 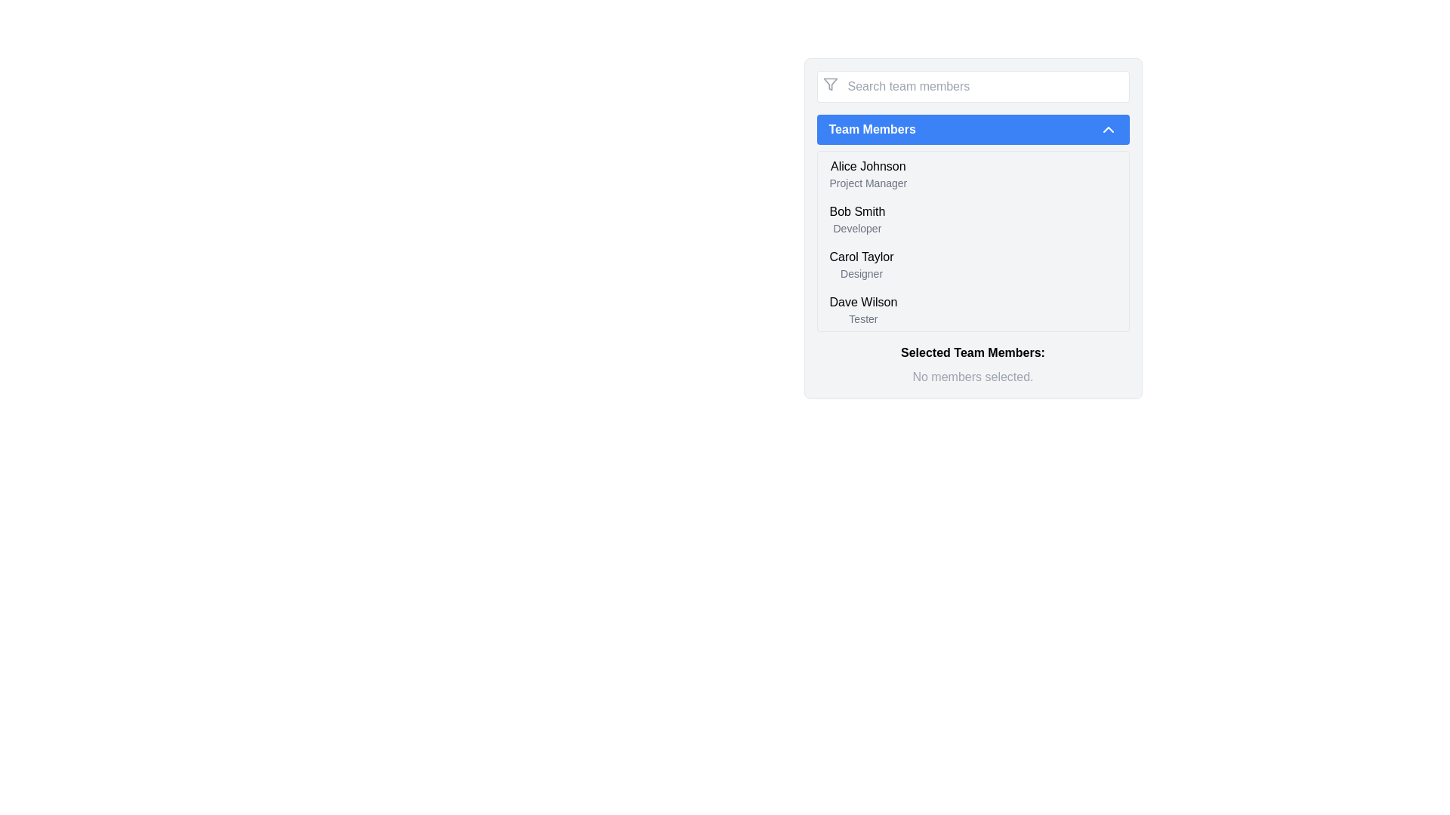 I want to click on the Text label displaying the role of the team member 'Bob Smith', which is positioned directly below his name in the 'Team Members' list, so click(x=857, y=229).